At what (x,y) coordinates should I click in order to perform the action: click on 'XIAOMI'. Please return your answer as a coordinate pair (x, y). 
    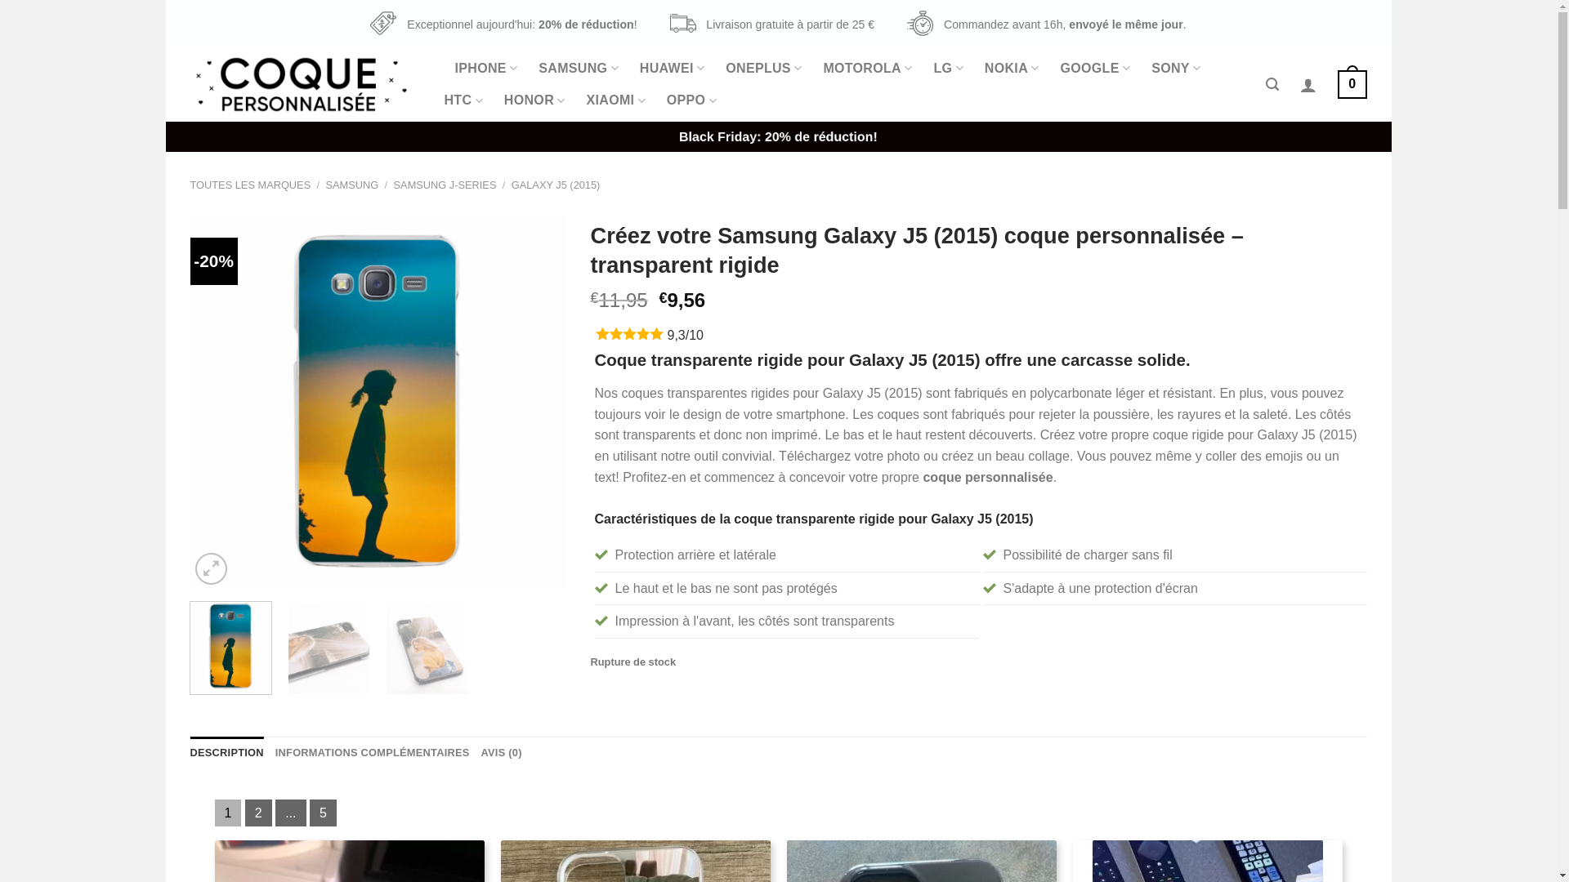
    Looking at the image, I should click on (587, 100).